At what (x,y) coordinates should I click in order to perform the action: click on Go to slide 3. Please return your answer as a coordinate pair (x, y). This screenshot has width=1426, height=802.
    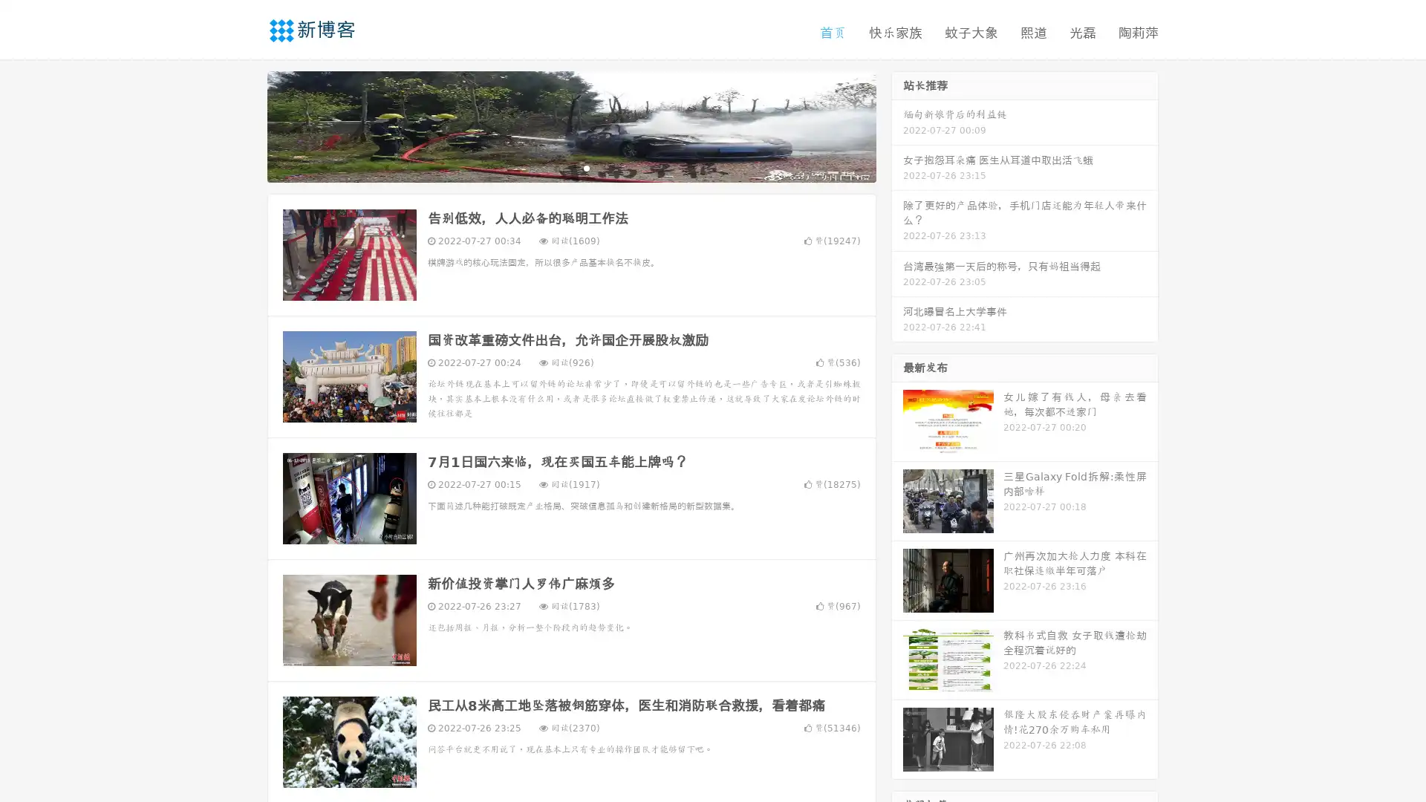
    Looking at the image, I should click on (586, 167).